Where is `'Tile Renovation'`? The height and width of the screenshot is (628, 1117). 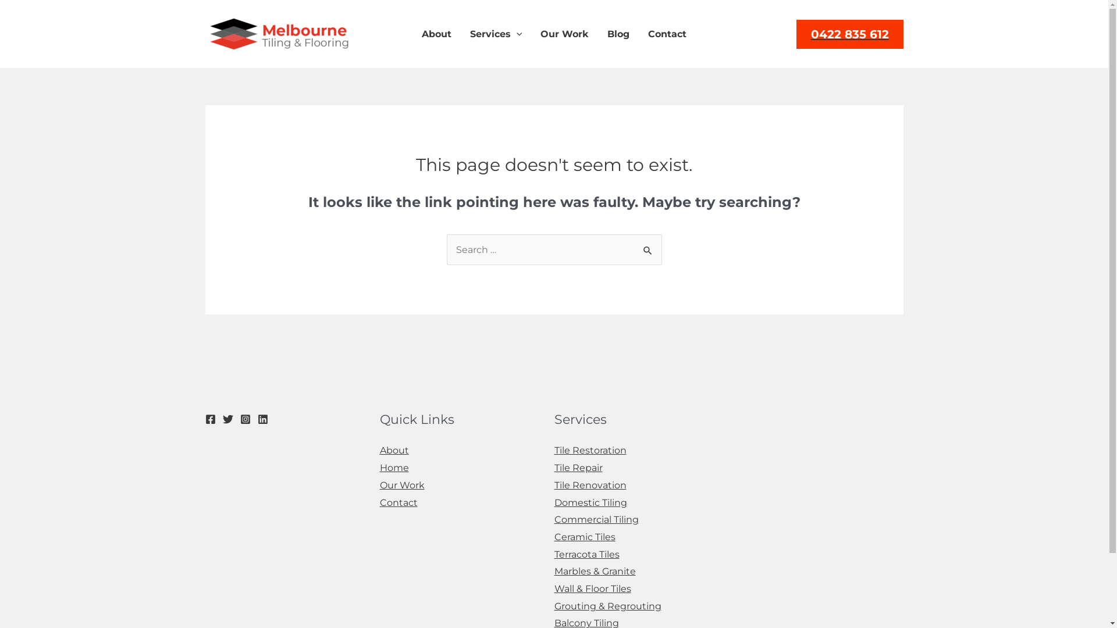
'Tile Renovation' is located at coordinates (589, 485).